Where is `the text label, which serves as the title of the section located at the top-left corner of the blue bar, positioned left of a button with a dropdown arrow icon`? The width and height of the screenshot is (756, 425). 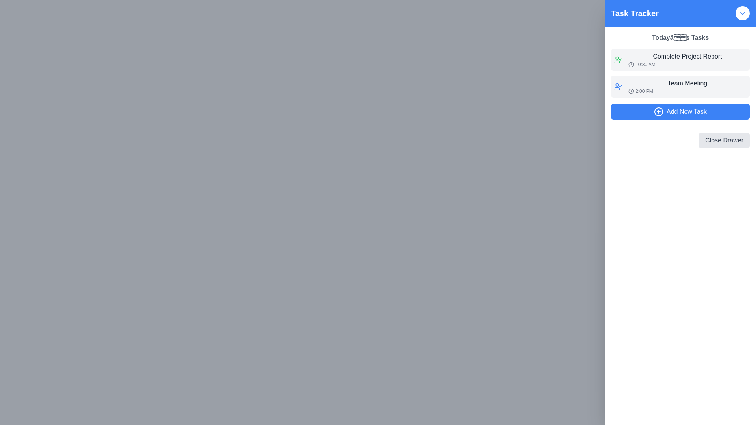 the text label, which serves as the title of the section located at the top-left corner of the blue bar, positioned left of a button with a dropdown arrow icon is located at coordinates (635, 13).